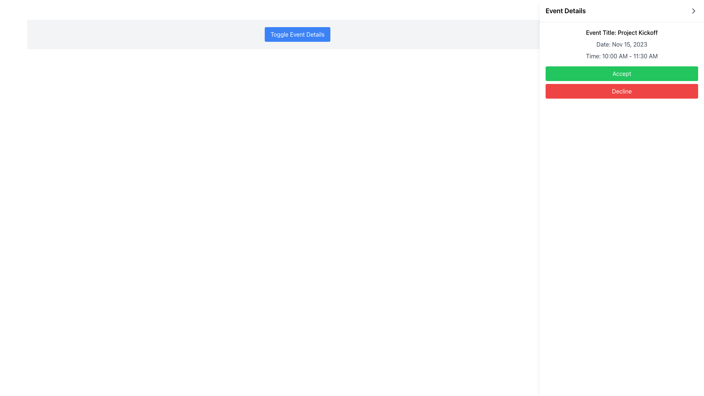 The image size is (704, 396). Describe the element at coordinates (621, 32) in the screenshot. I see `the text label reading 'Event Title: Project Kickoff' which is styled in medium weight black font on a white background, located at the top of the right-side event details panel` at that location.